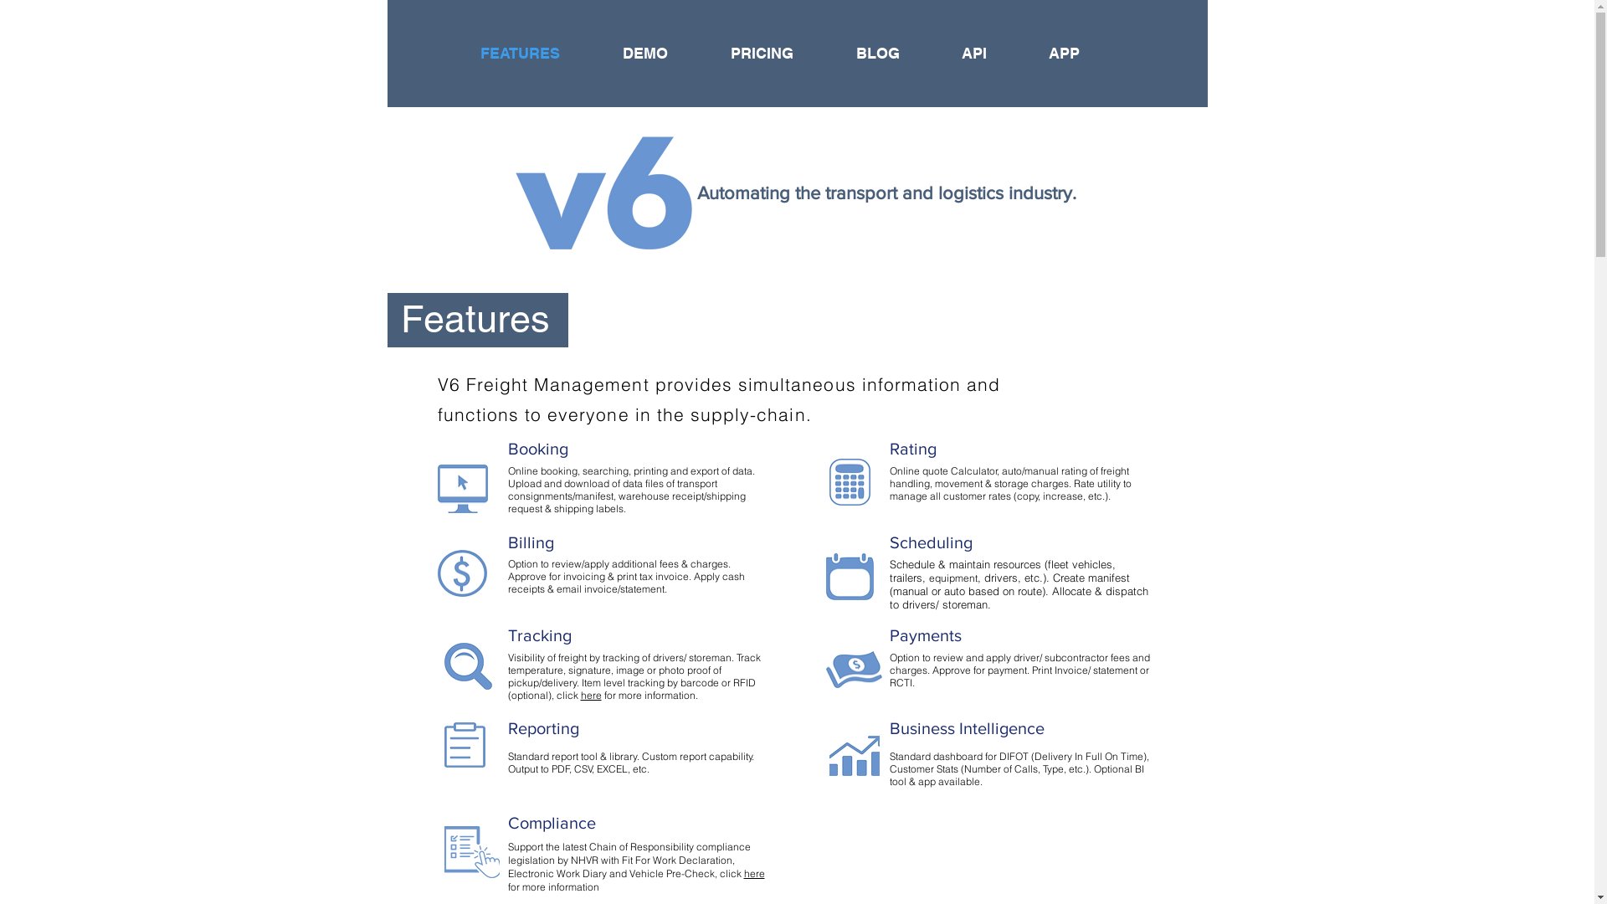 This screenshot has width=1607, height=904. I want to click on 'here', so click(752, 872).